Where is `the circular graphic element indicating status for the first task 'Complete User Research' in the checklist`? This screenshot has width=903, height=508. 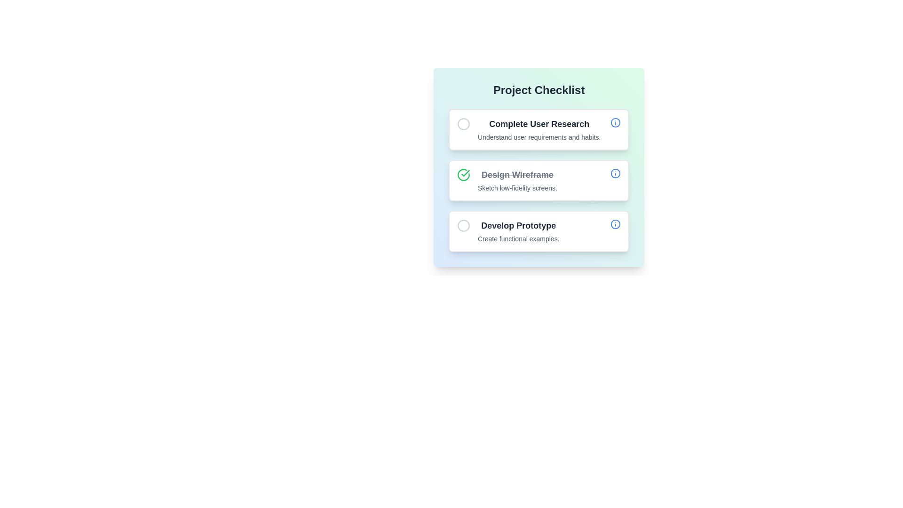 the circular graphic element indicating status for the first task 'Complete User Research' in the checklist is located at coordinates (463, 123).